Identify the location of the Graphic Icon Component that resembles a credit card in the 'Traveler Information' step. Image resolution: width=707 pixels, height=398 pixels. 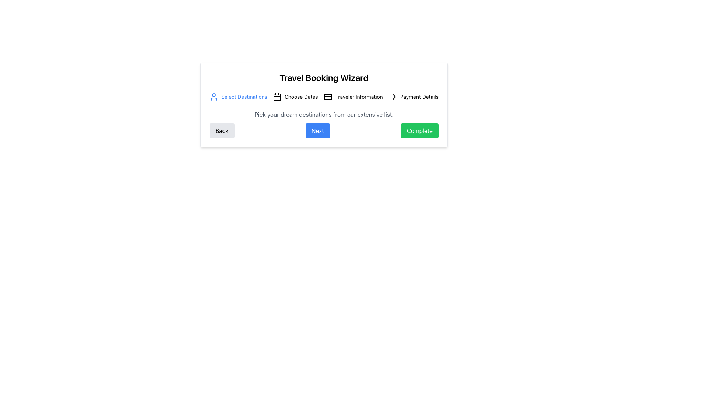
(327, 96).